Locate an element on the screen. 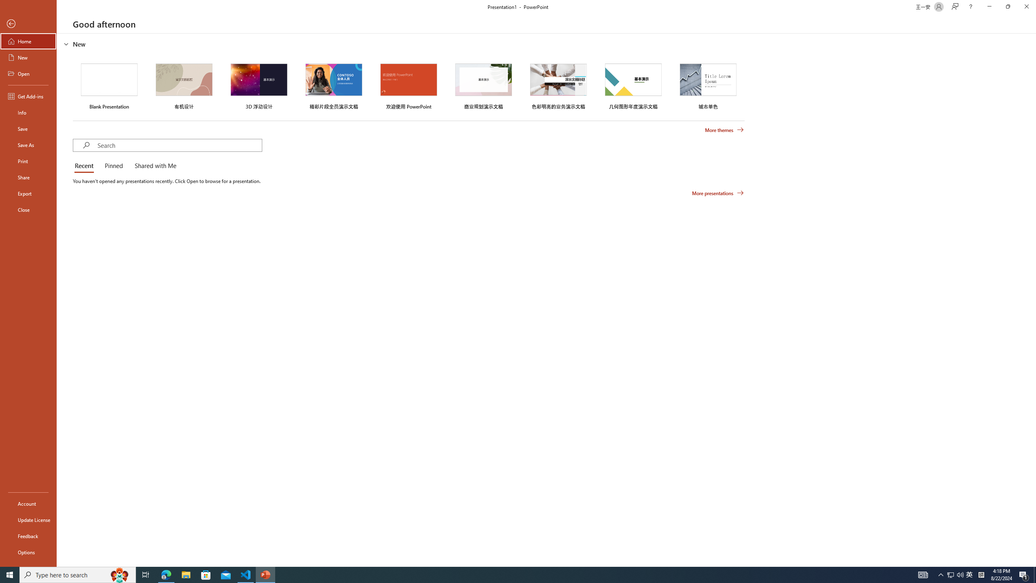  'Restore Down' is located at coordinates (1008, 6).